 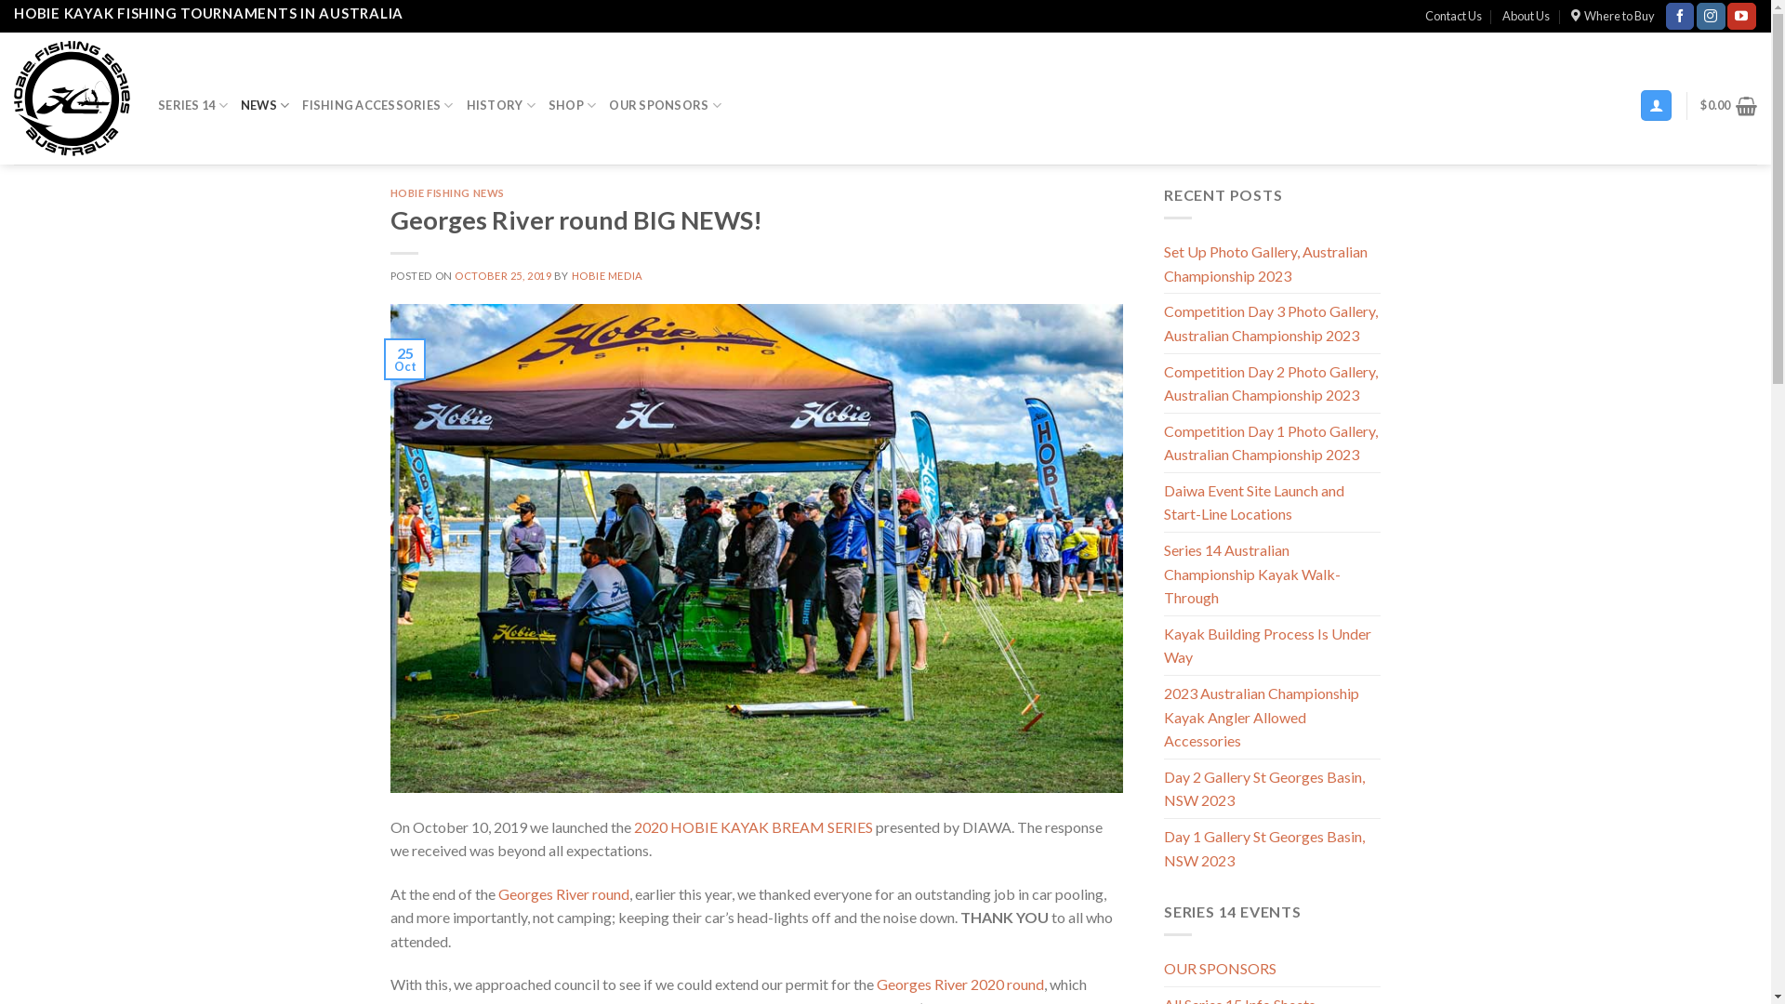 What do you see at coordinates (447, 192) in the screenshot?
I see `'HOBIE FISHING NEWS'` at bounding box center [447, 192].